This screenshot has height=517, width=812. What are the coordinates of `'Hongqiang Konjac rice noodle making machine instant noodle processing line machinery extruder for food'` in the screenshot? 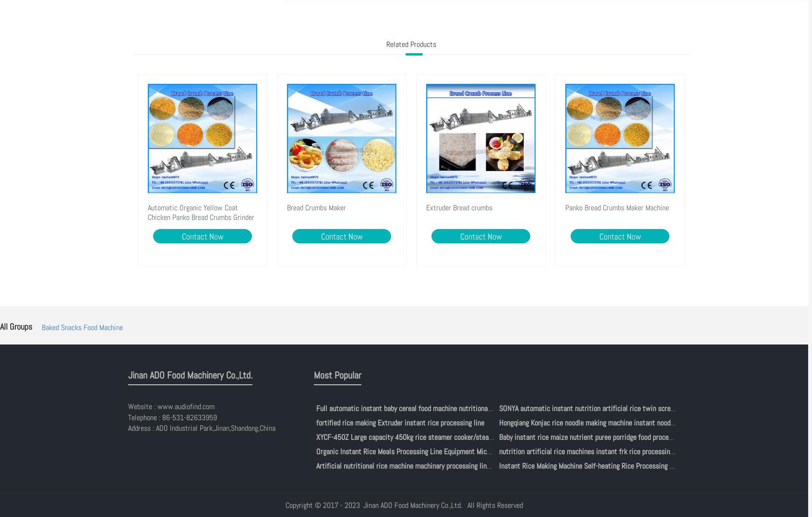 It's located at (651, 422).